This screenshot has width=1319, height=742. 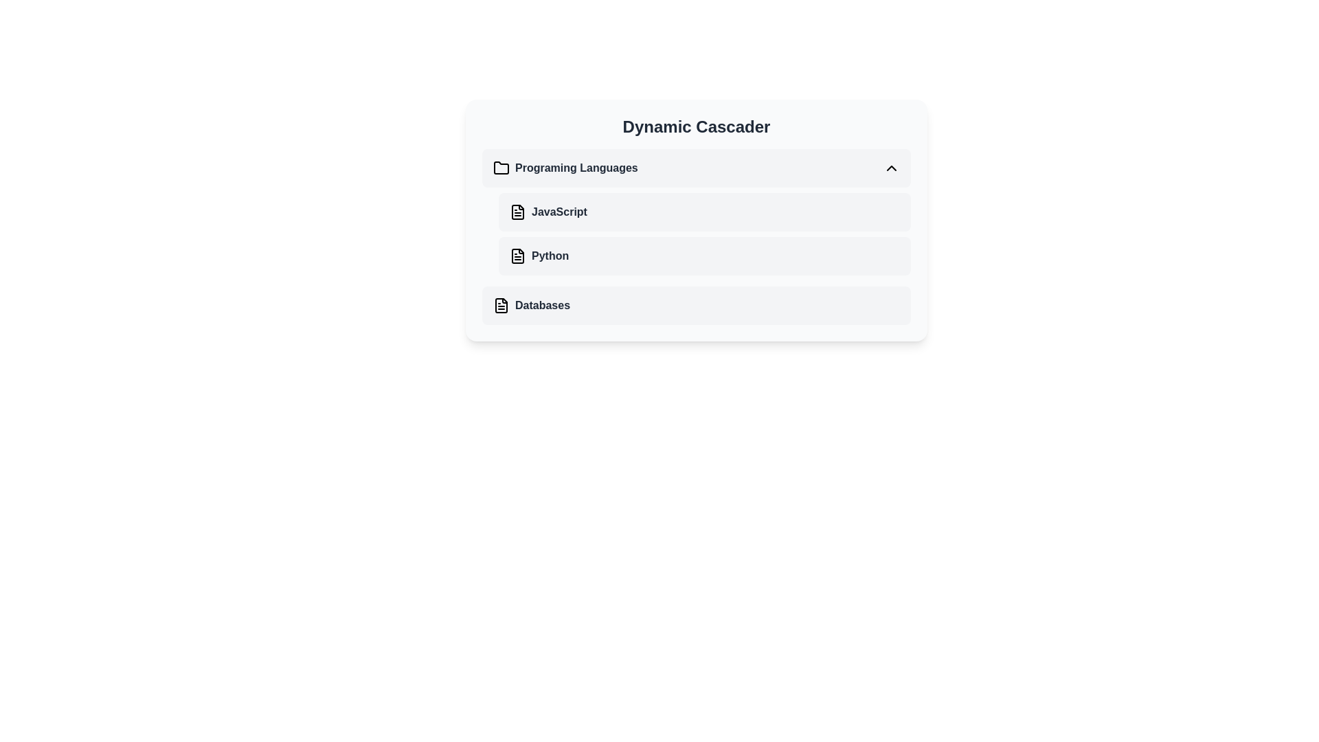 I want to click on the 'JavaScript' text label in the 'Dynamic Cascader' section, so click(x=559, y=212).